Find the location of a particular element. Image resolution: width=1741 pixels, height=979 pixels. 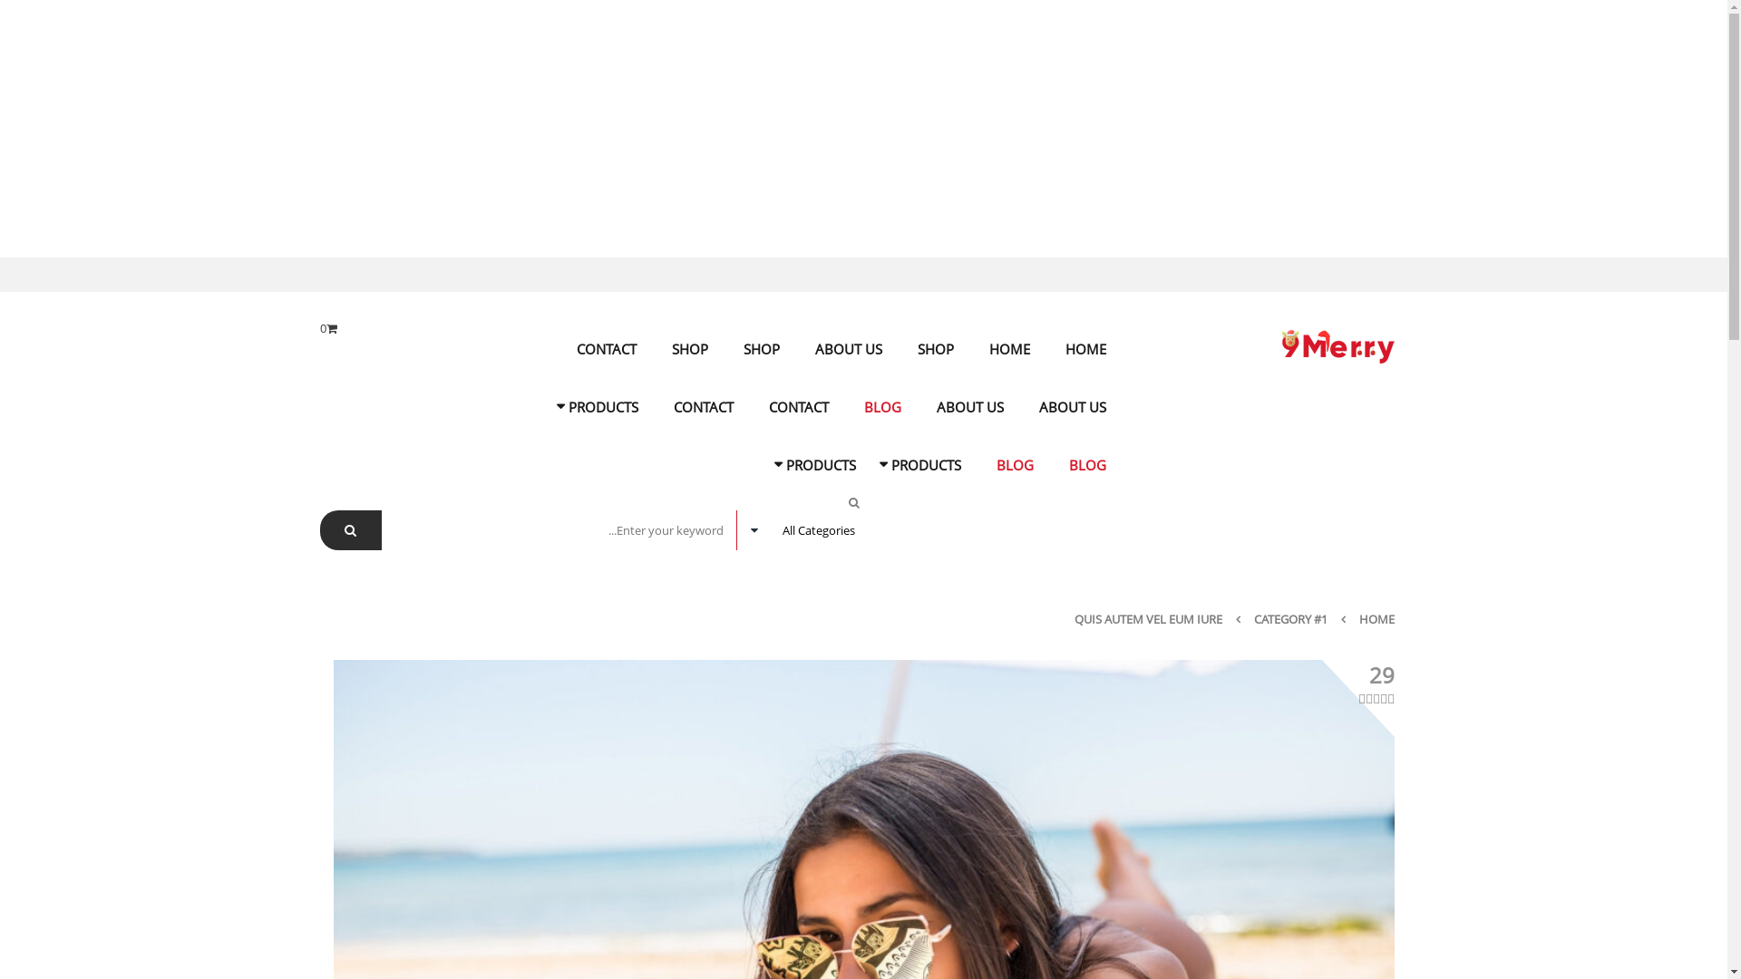

'0' is located at coordinates (327, 328).